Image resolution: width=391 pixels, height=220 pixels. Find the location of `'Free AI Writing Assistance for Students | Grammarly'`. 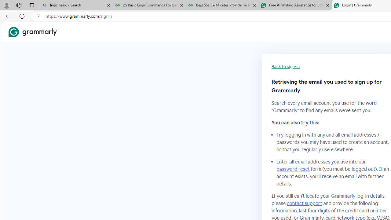

'Free AI Writing Assistance for Students | Grammarly' is located at coordinates (295, 5).